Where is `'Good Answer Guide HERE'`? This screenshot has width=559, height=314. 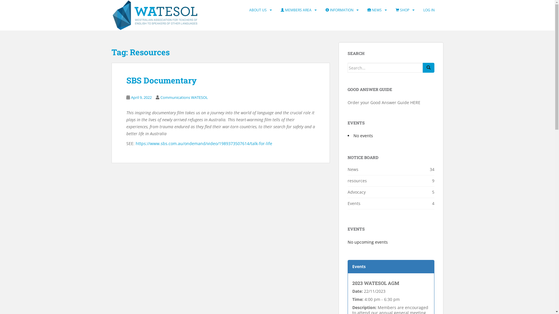 'Good Answer Guide HERE' is located at coordinates (395, 102).